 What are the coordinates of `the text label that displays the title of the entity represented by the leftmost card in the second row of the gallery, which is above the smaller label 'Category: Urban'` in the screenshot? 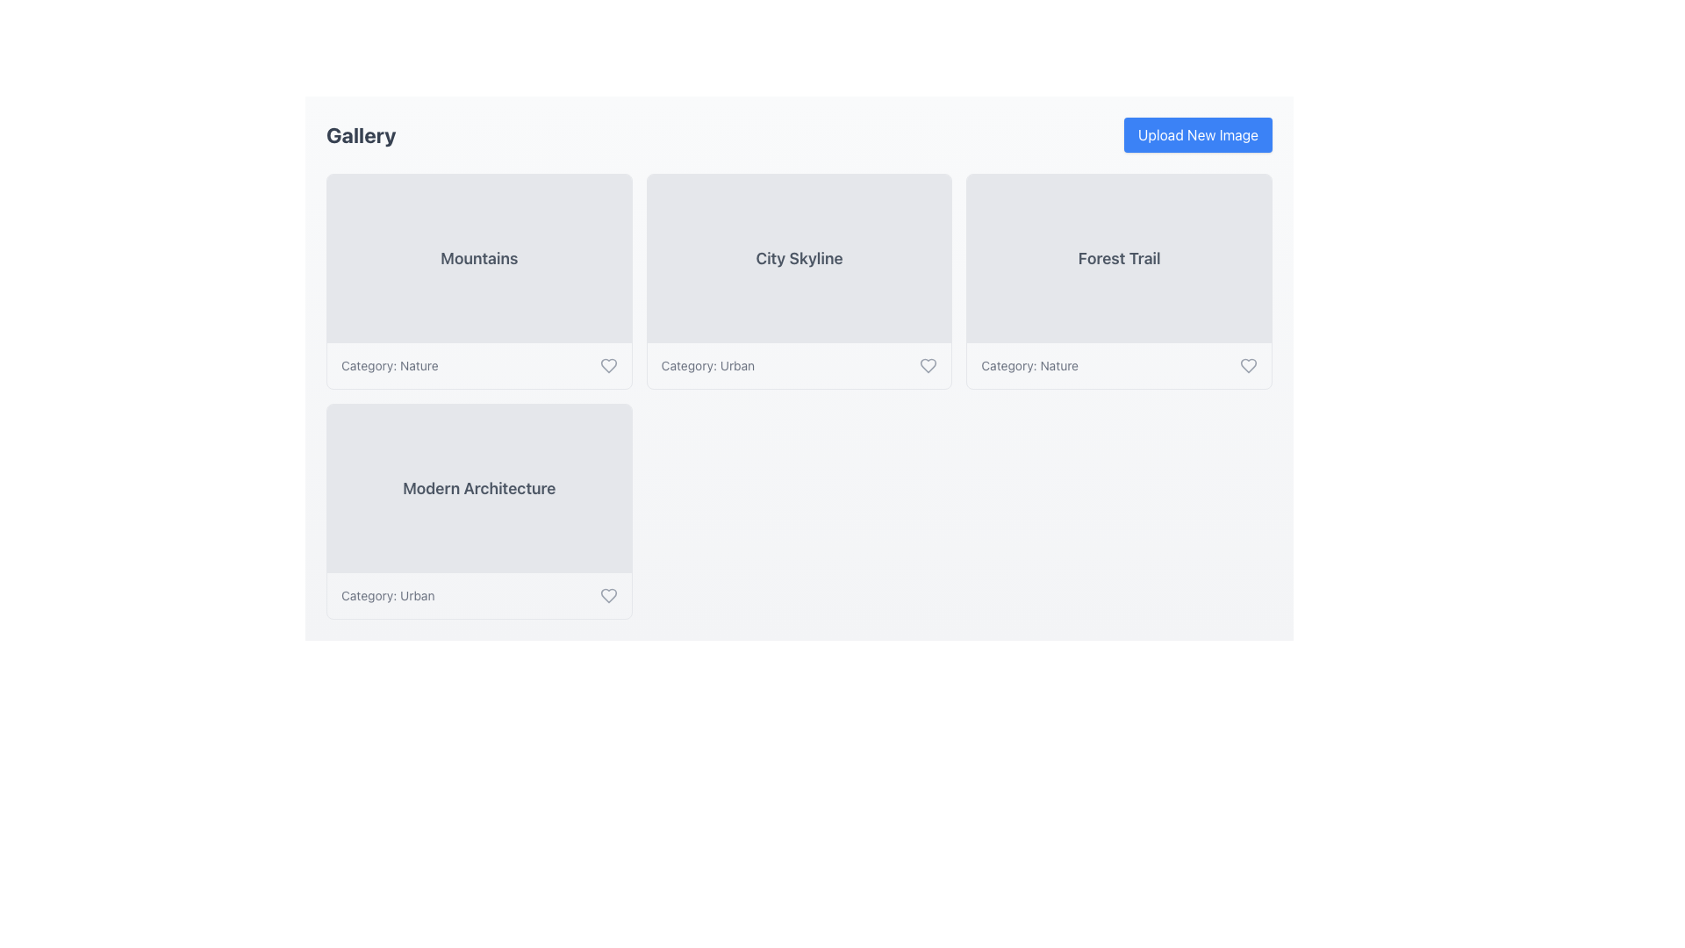 It's located at (479, 488).